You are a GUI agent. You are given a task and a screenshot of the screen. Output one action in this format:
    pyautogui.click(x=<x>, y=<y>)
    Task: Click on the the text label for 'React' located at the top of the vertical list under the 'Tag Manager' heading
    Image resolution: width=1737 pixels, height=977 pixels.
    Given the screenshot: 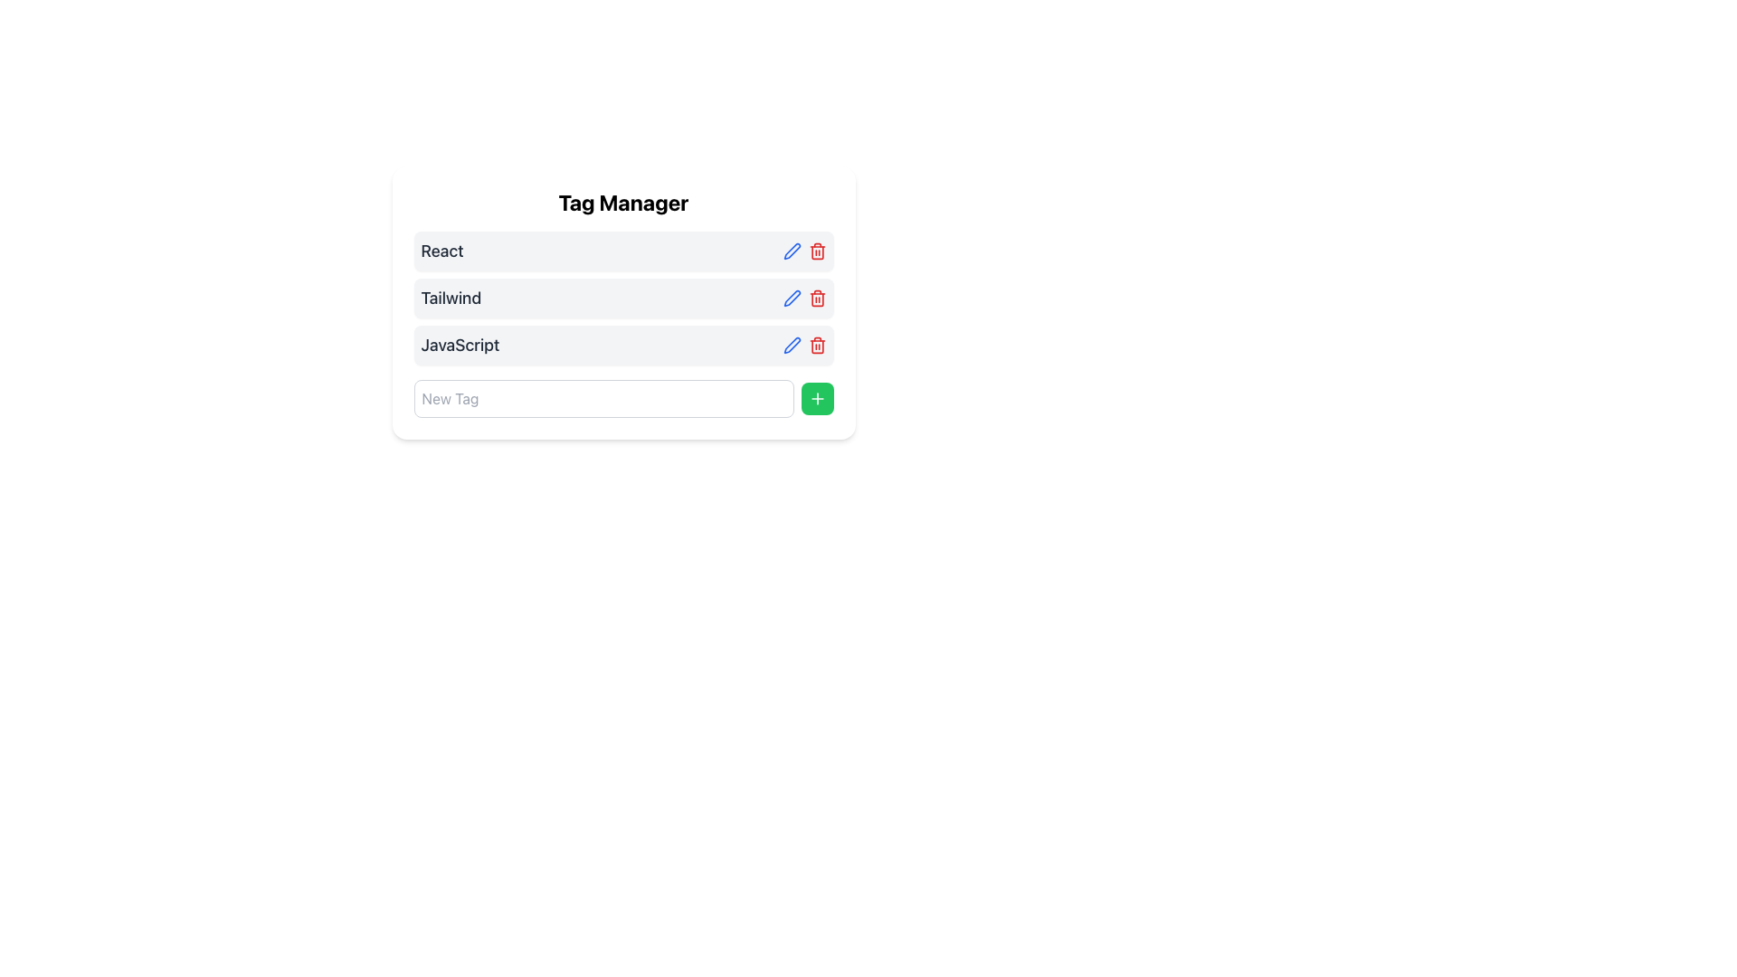 What is the action you would take?
    pyautogui.click(x=442, y=251)
    